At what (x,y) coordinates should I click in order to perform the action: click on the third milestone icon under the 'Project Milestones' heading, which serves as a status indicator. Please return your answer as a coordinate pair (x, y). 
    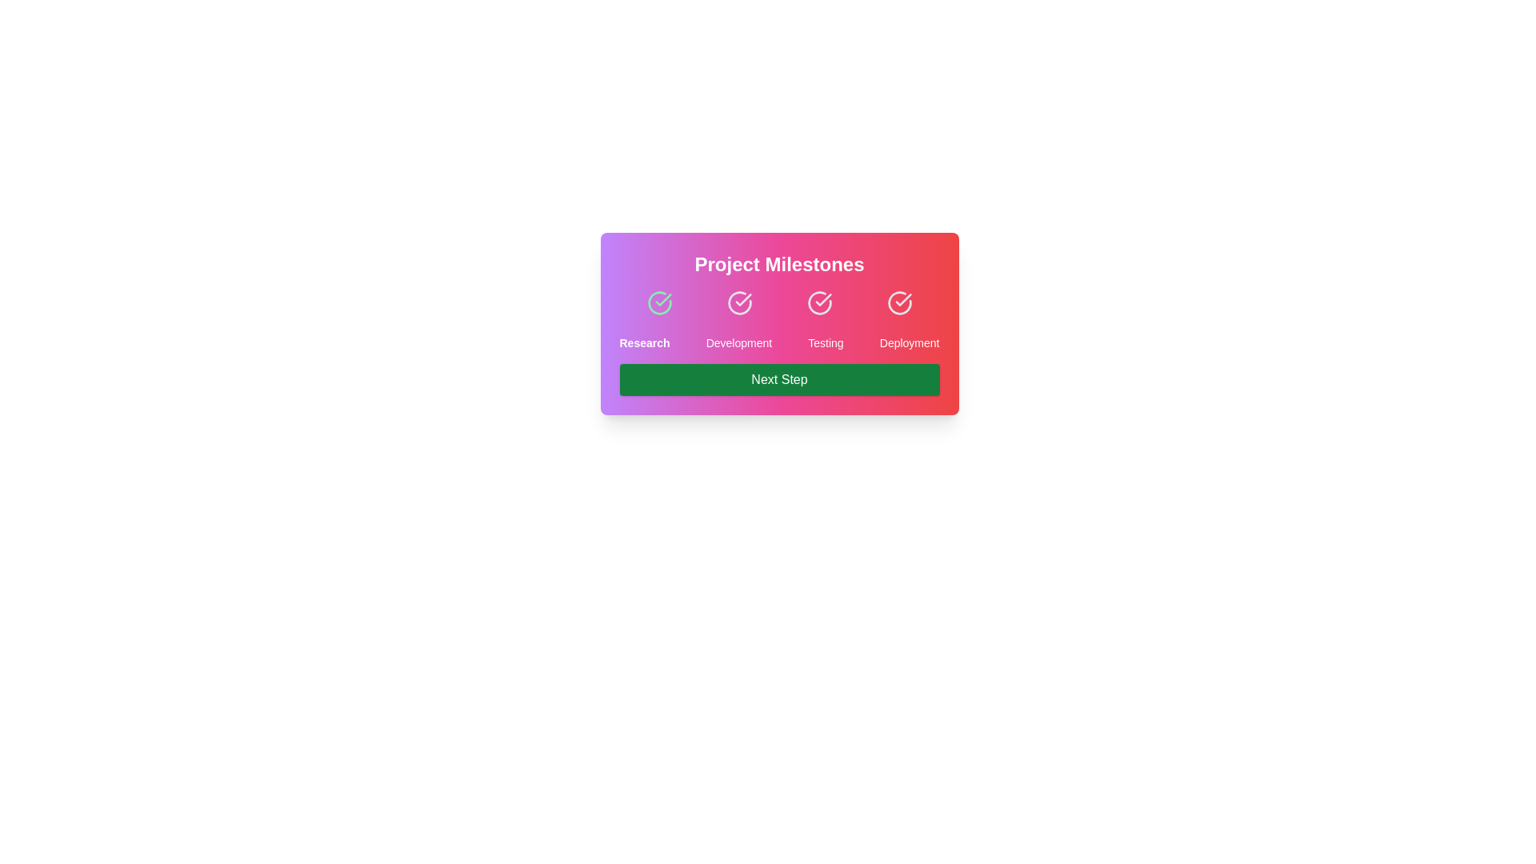
    Looking at the image, I should click on (819, 302).